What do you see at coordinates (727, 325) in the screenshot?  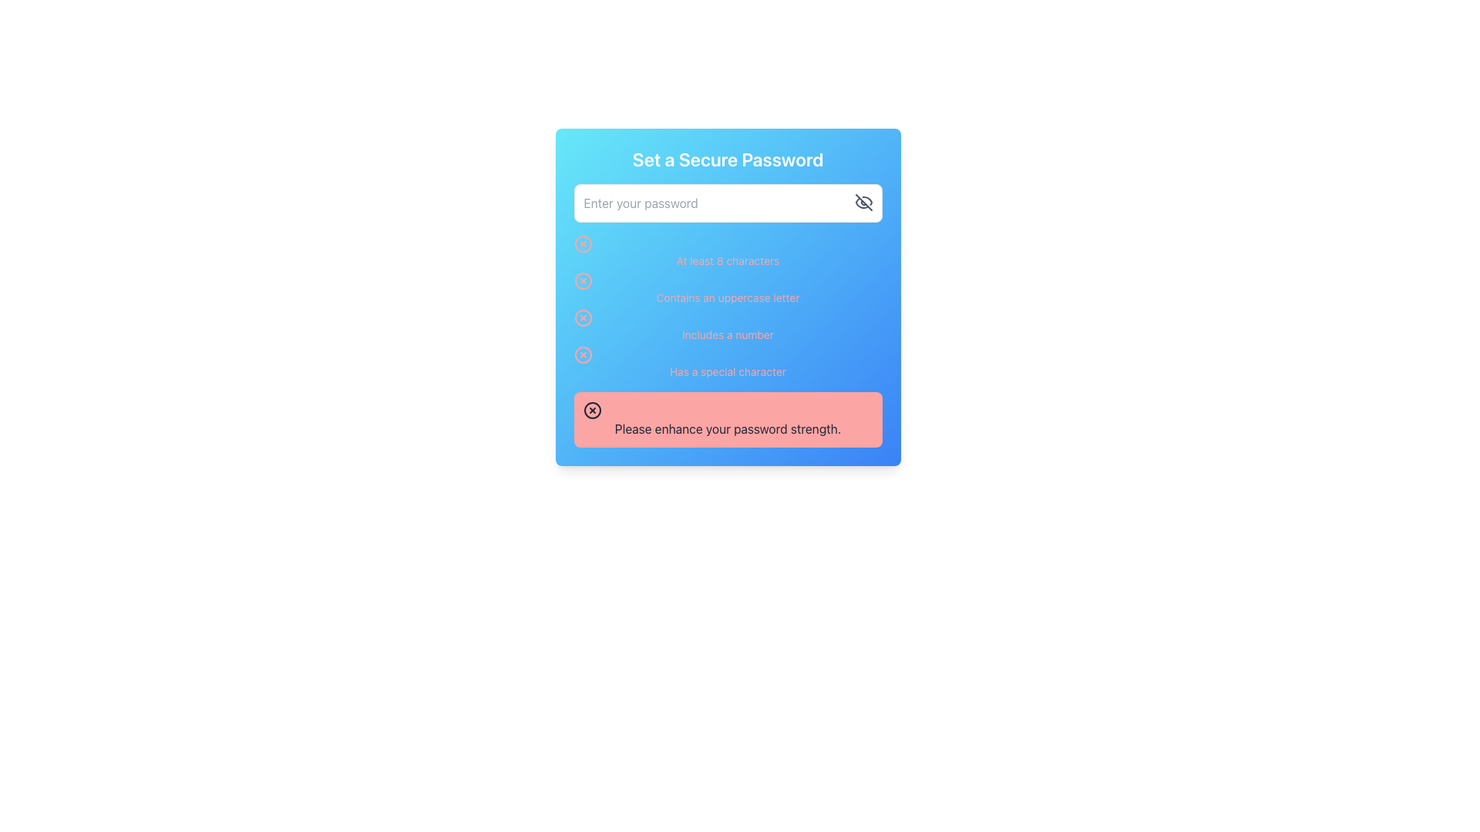 I see `the Text Label with Icon that indicates the password requirement for including a numeric character, located in the center-right portion of the modal dialog` at bounding box center [727, 325].